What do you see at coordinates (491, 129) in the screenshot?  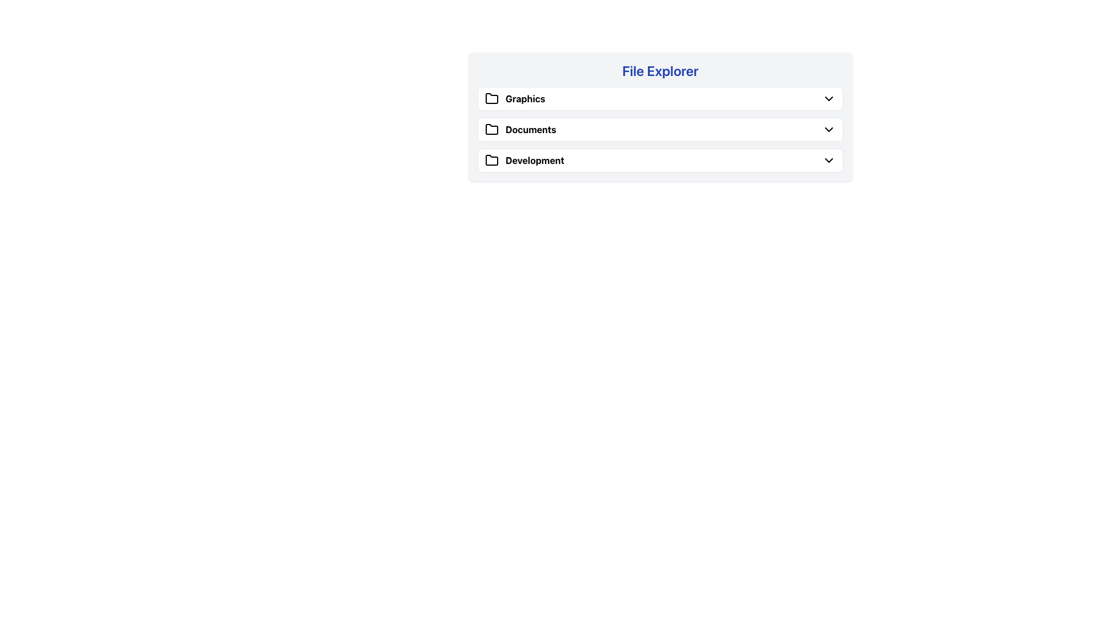 I see `the 'Documents' folder icon located within the file explorer interface` at bounding box center [491, 129].